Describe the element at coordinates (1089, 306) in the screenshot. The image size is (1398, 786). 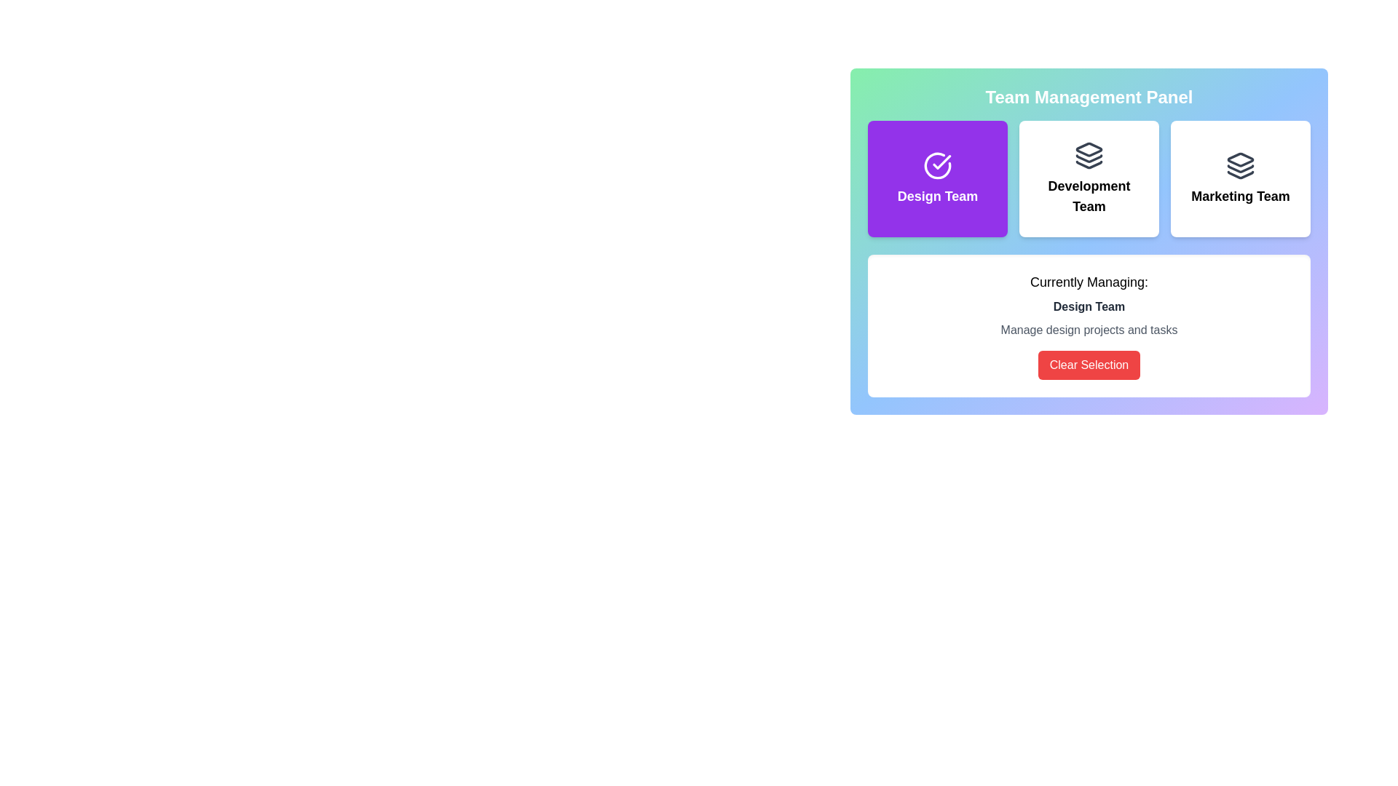
I see `the text label indicating the current team or item being managed, which is located below the title 'Currently Managing:' and above the descriptive text 'Manage design projects and tasks'` at that location.